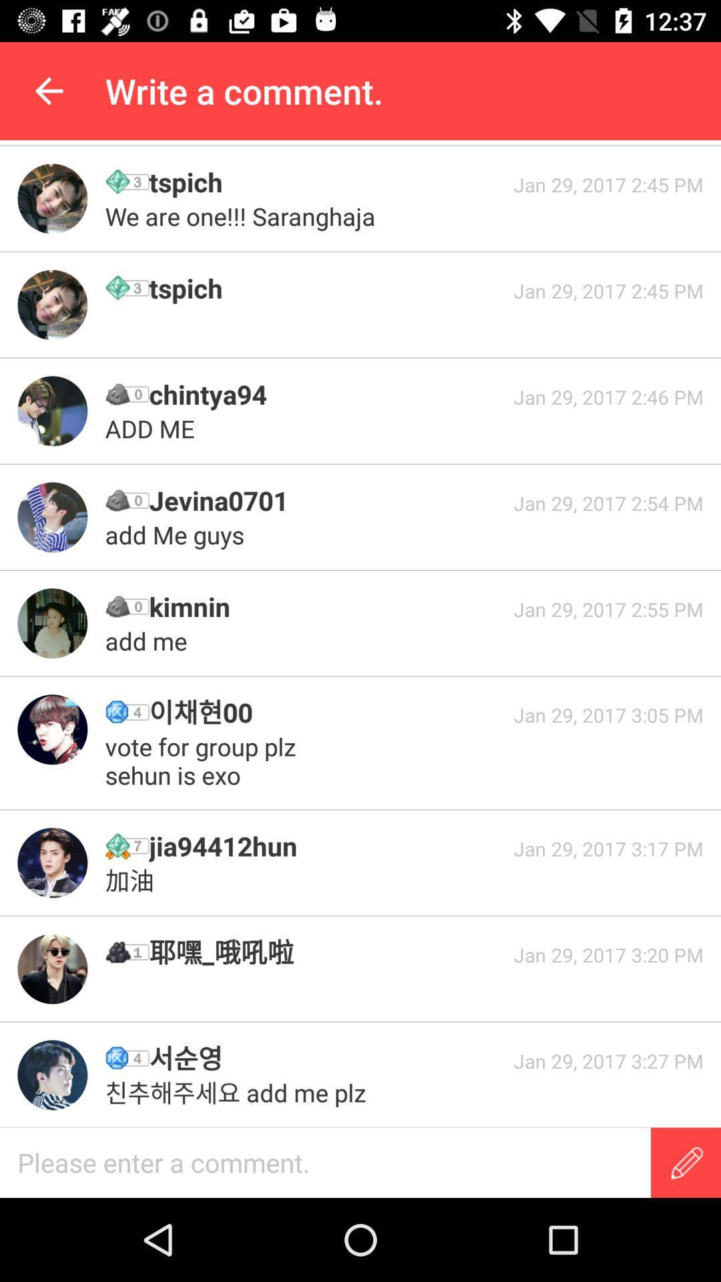  I want to click on profile picture, so click(51, 304).